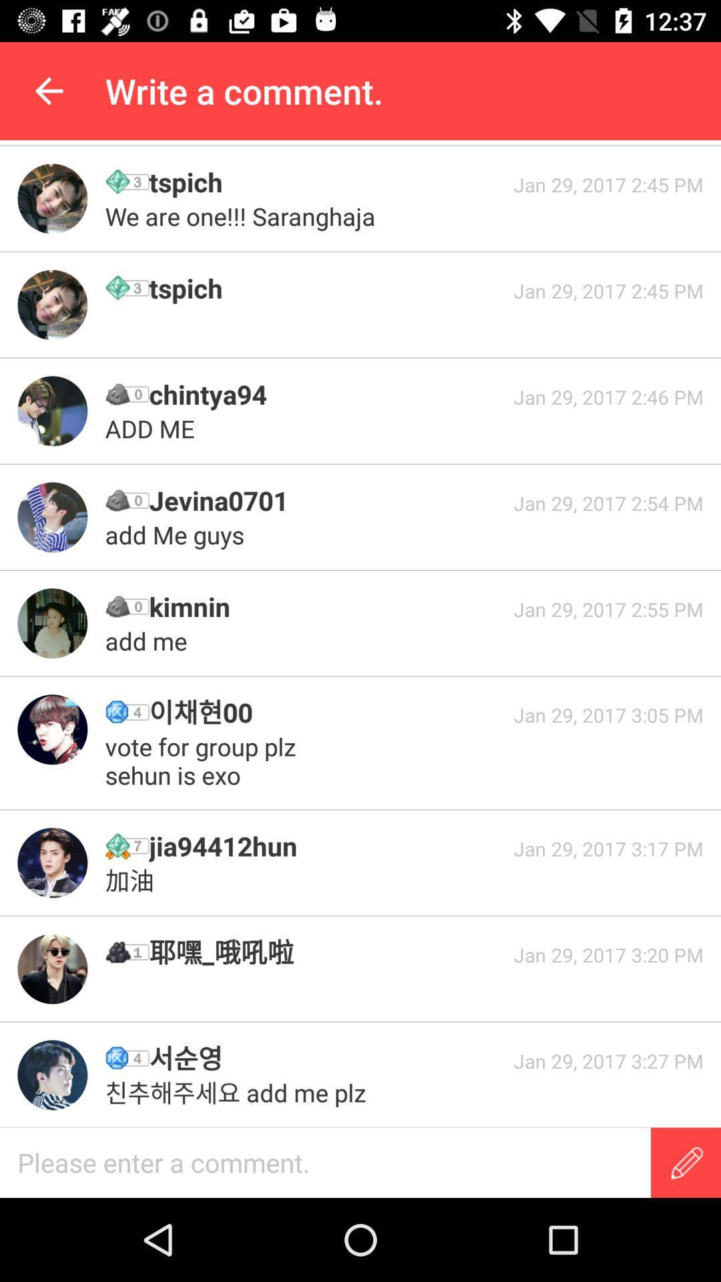  I want to click on profile picture, so click(51, 304).